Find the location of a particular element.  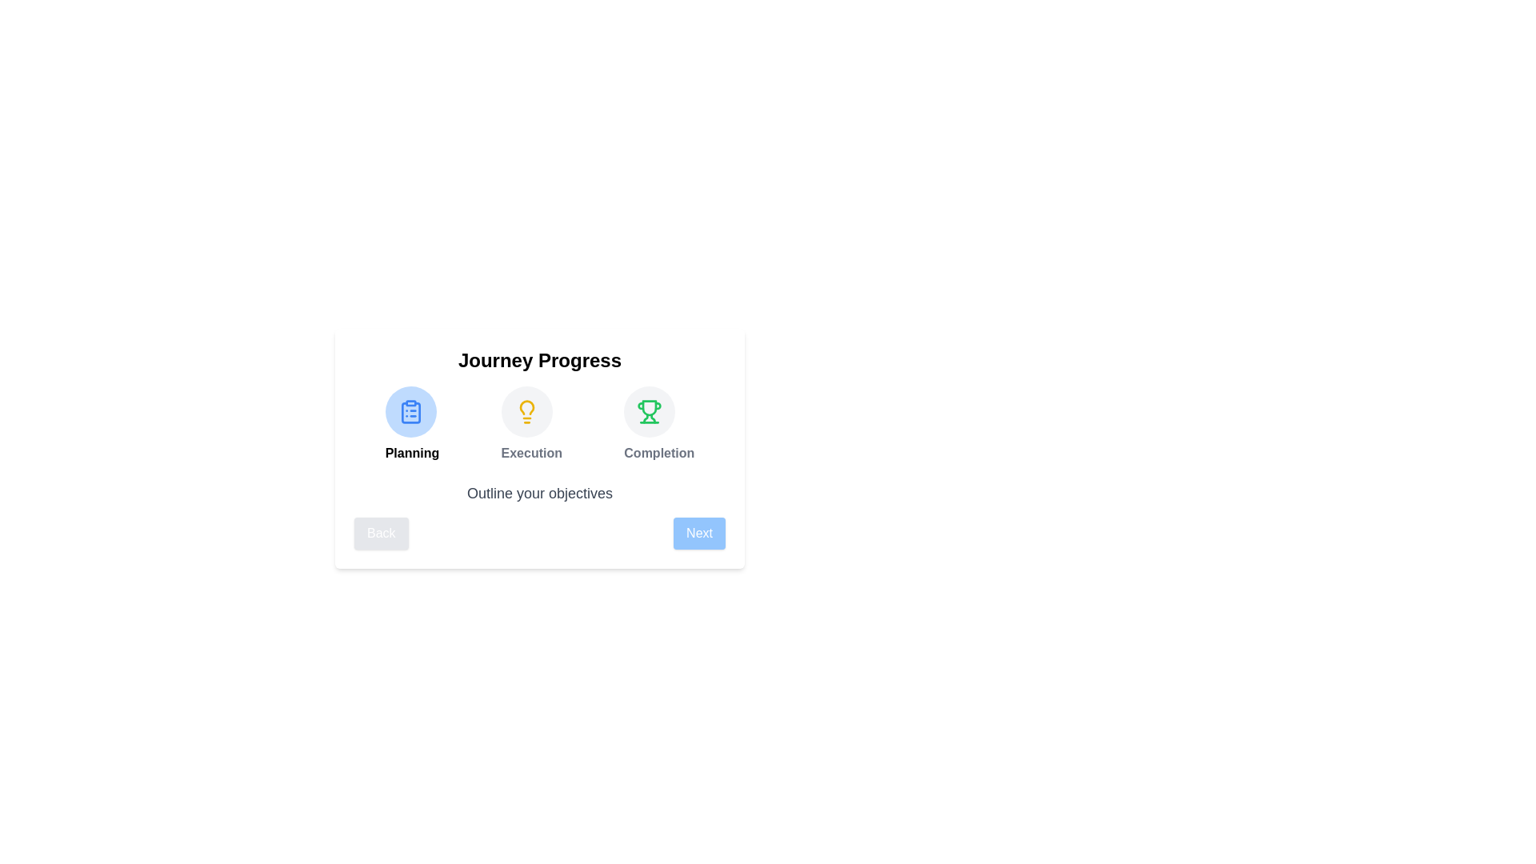

'Back' button to navigate to the previous step is located at coordinates (380, 534).